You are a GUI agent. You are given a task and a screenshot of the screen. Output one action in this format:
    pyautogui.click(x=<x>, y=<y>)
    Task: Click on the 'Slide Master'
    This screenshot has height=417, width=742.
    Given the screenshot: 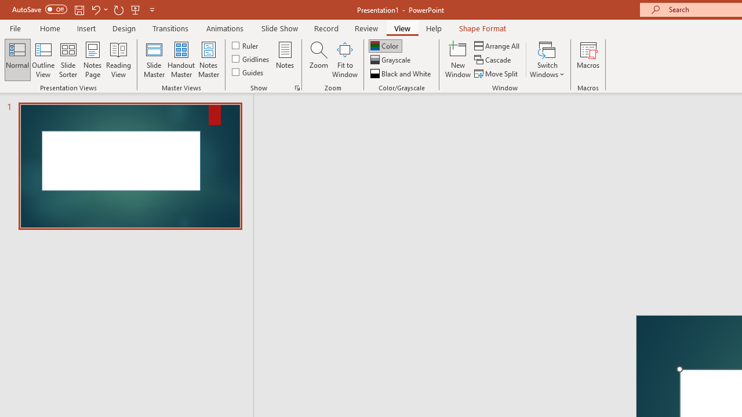 What is the action you would take?
    pyautogui.click(x=153, y=60)
    